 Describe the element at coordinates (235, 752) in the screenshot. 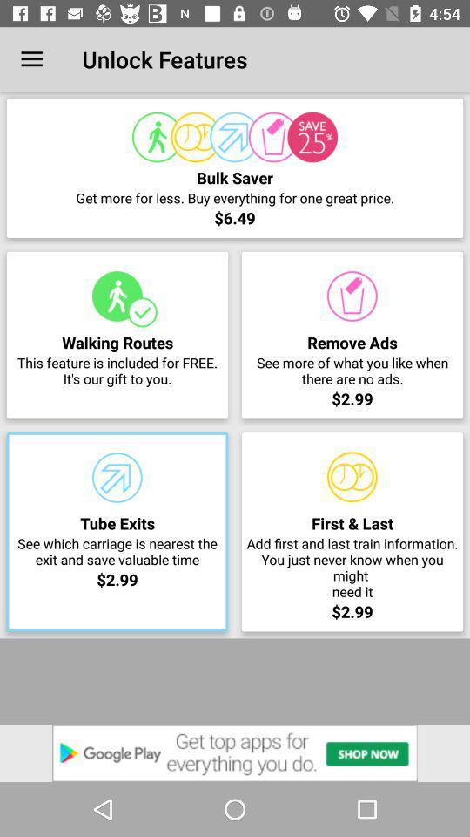

I see `the item below the $2.99 item` at that location.